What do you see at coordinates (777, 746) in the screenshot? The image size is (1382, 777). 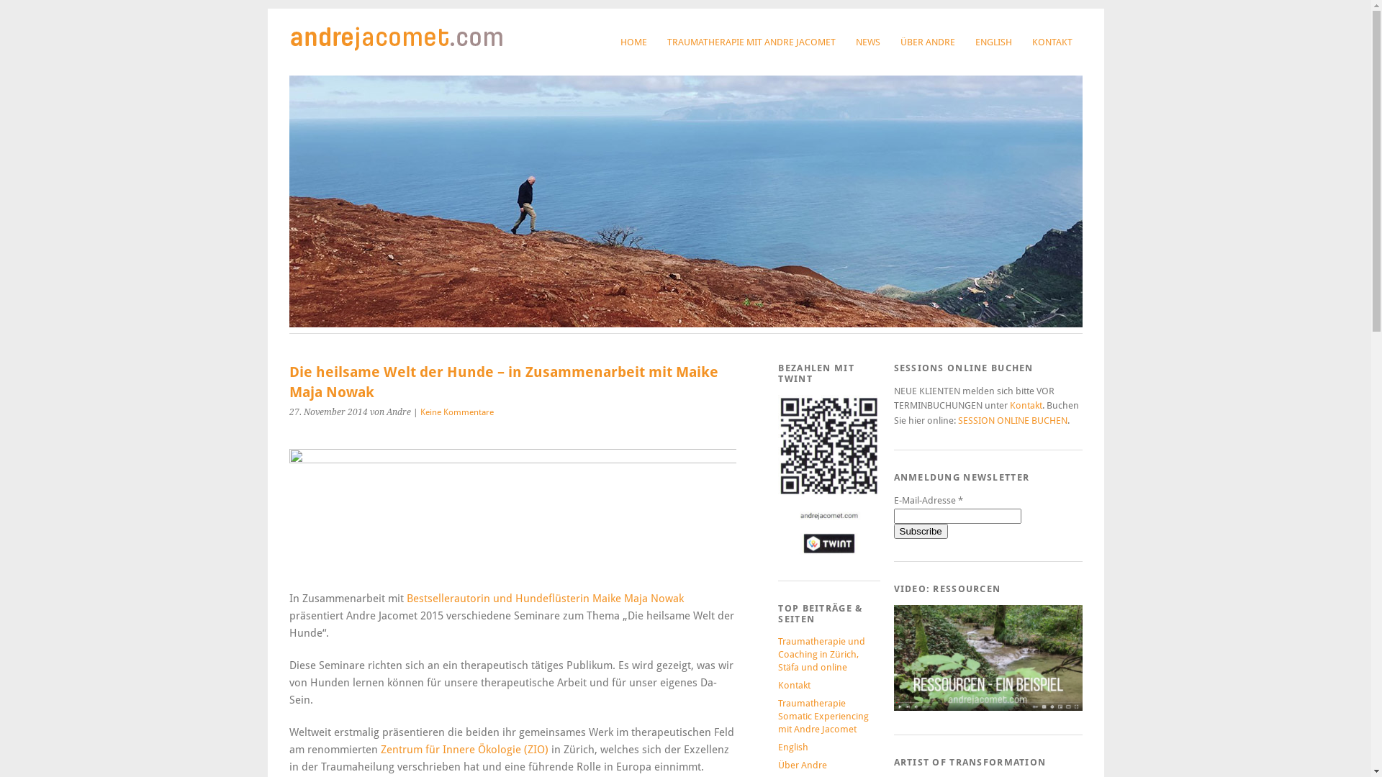 I see `'English'` at bounding box center [777, 746].